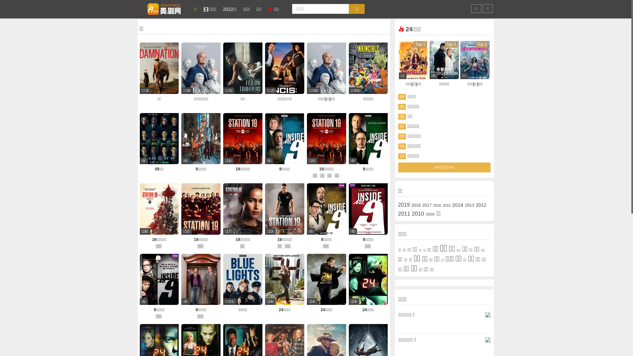 This screenshot has width=633, height=356. What do you see at coordinates (430, 214) in the screenshot?
I see `'2009'` at bounding box center [430, 214].